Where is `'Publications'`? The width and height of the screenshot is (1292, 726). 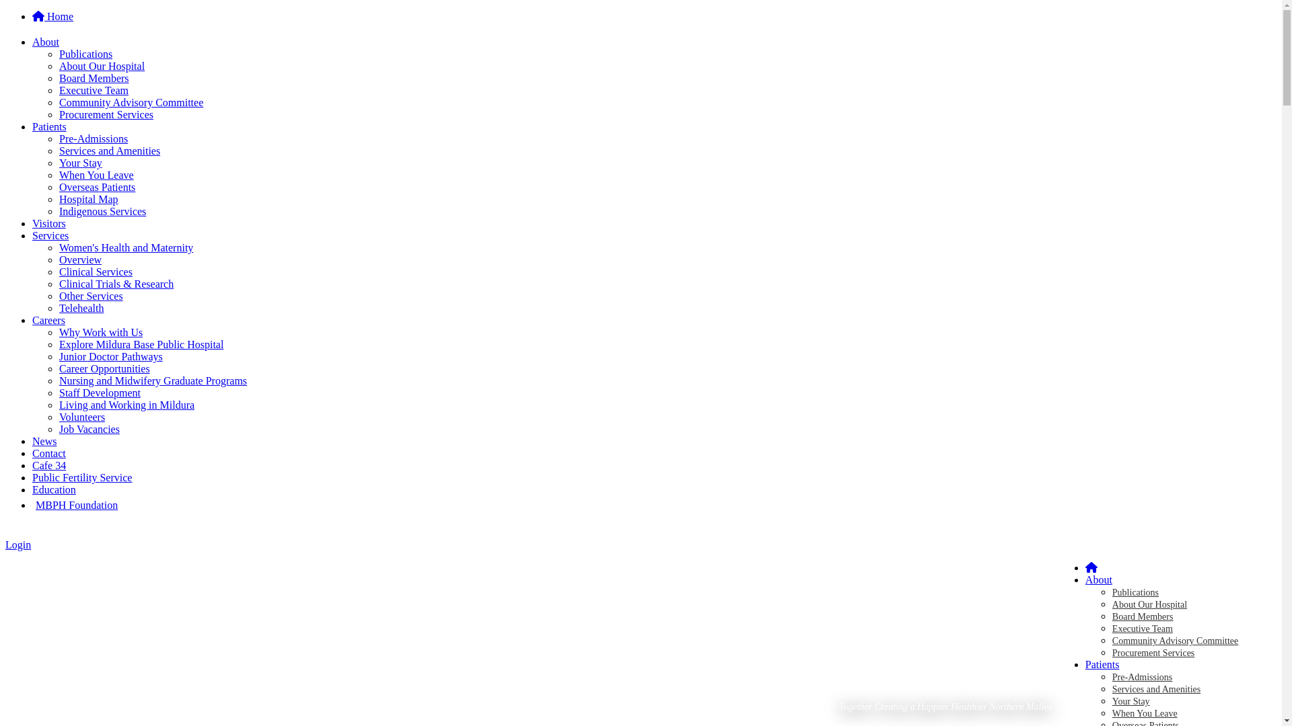 'Publications' is located at coordinates (1135, 592).